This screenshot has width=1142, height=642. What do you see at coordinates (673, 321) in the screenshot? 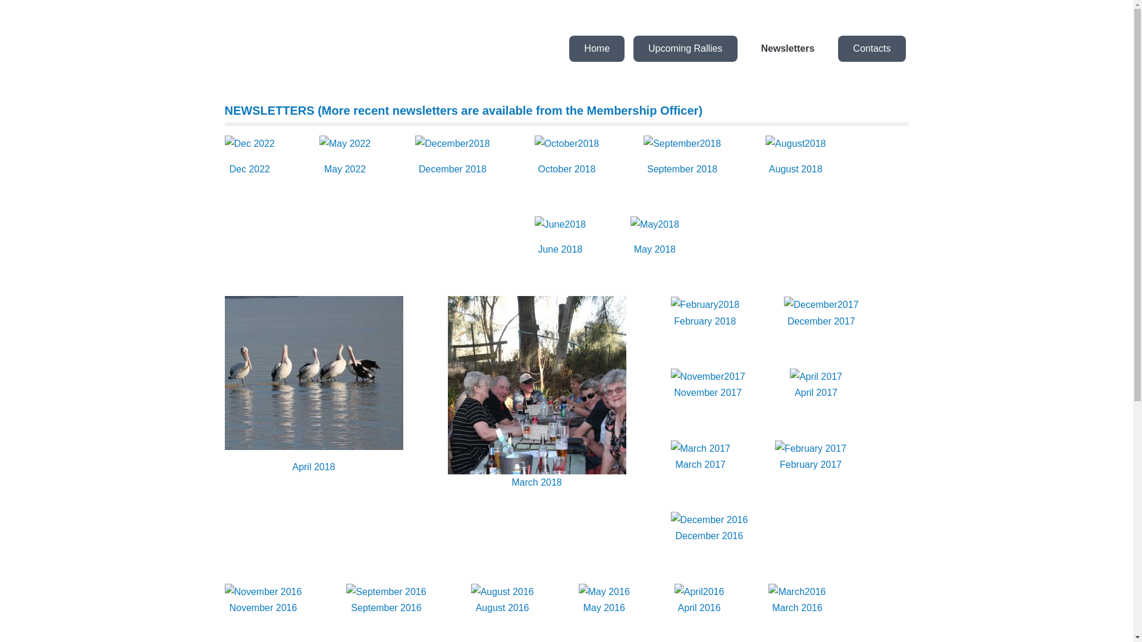
I see `'February 2018'` at bounding box center [673, 321].